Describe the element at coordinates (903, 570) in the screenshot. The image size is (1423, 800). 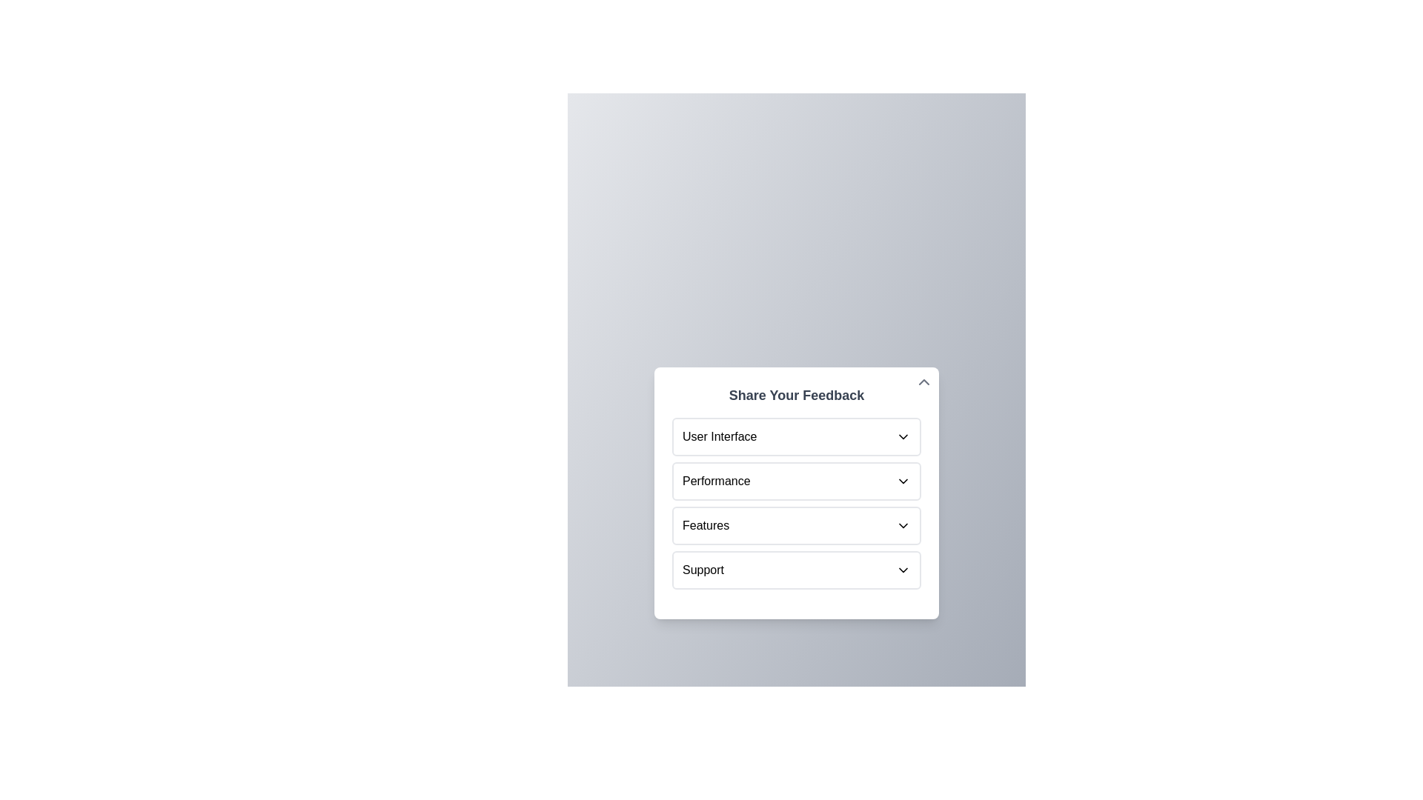
I see `the icon positioned at the right-hand side of the 'Support' label` at that location.